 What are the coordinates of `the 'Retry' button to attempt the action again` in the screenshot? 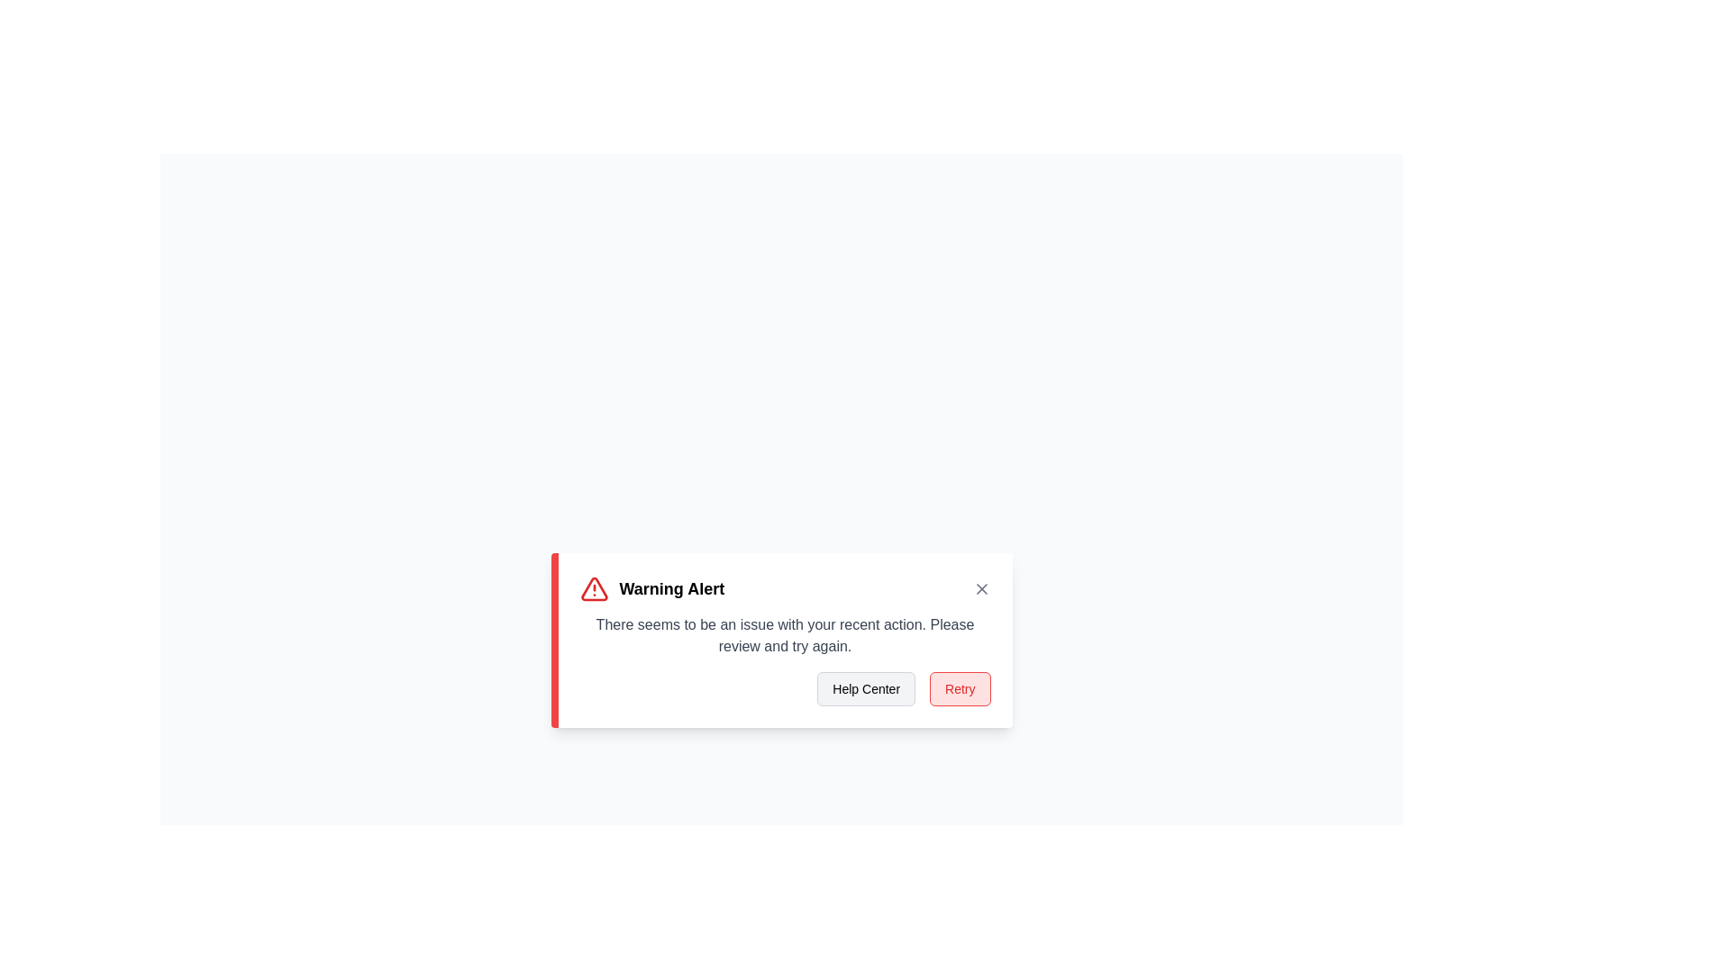 It's located at (959, 688).